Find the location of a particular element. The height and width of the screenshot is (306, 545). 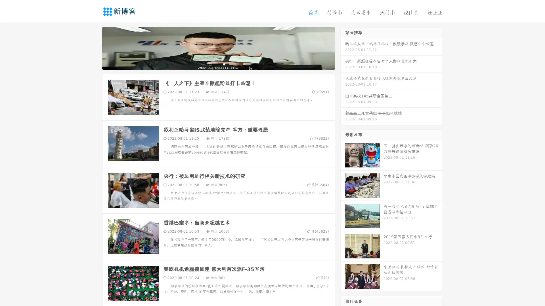

Next slide is located at coordinates (343, 48).